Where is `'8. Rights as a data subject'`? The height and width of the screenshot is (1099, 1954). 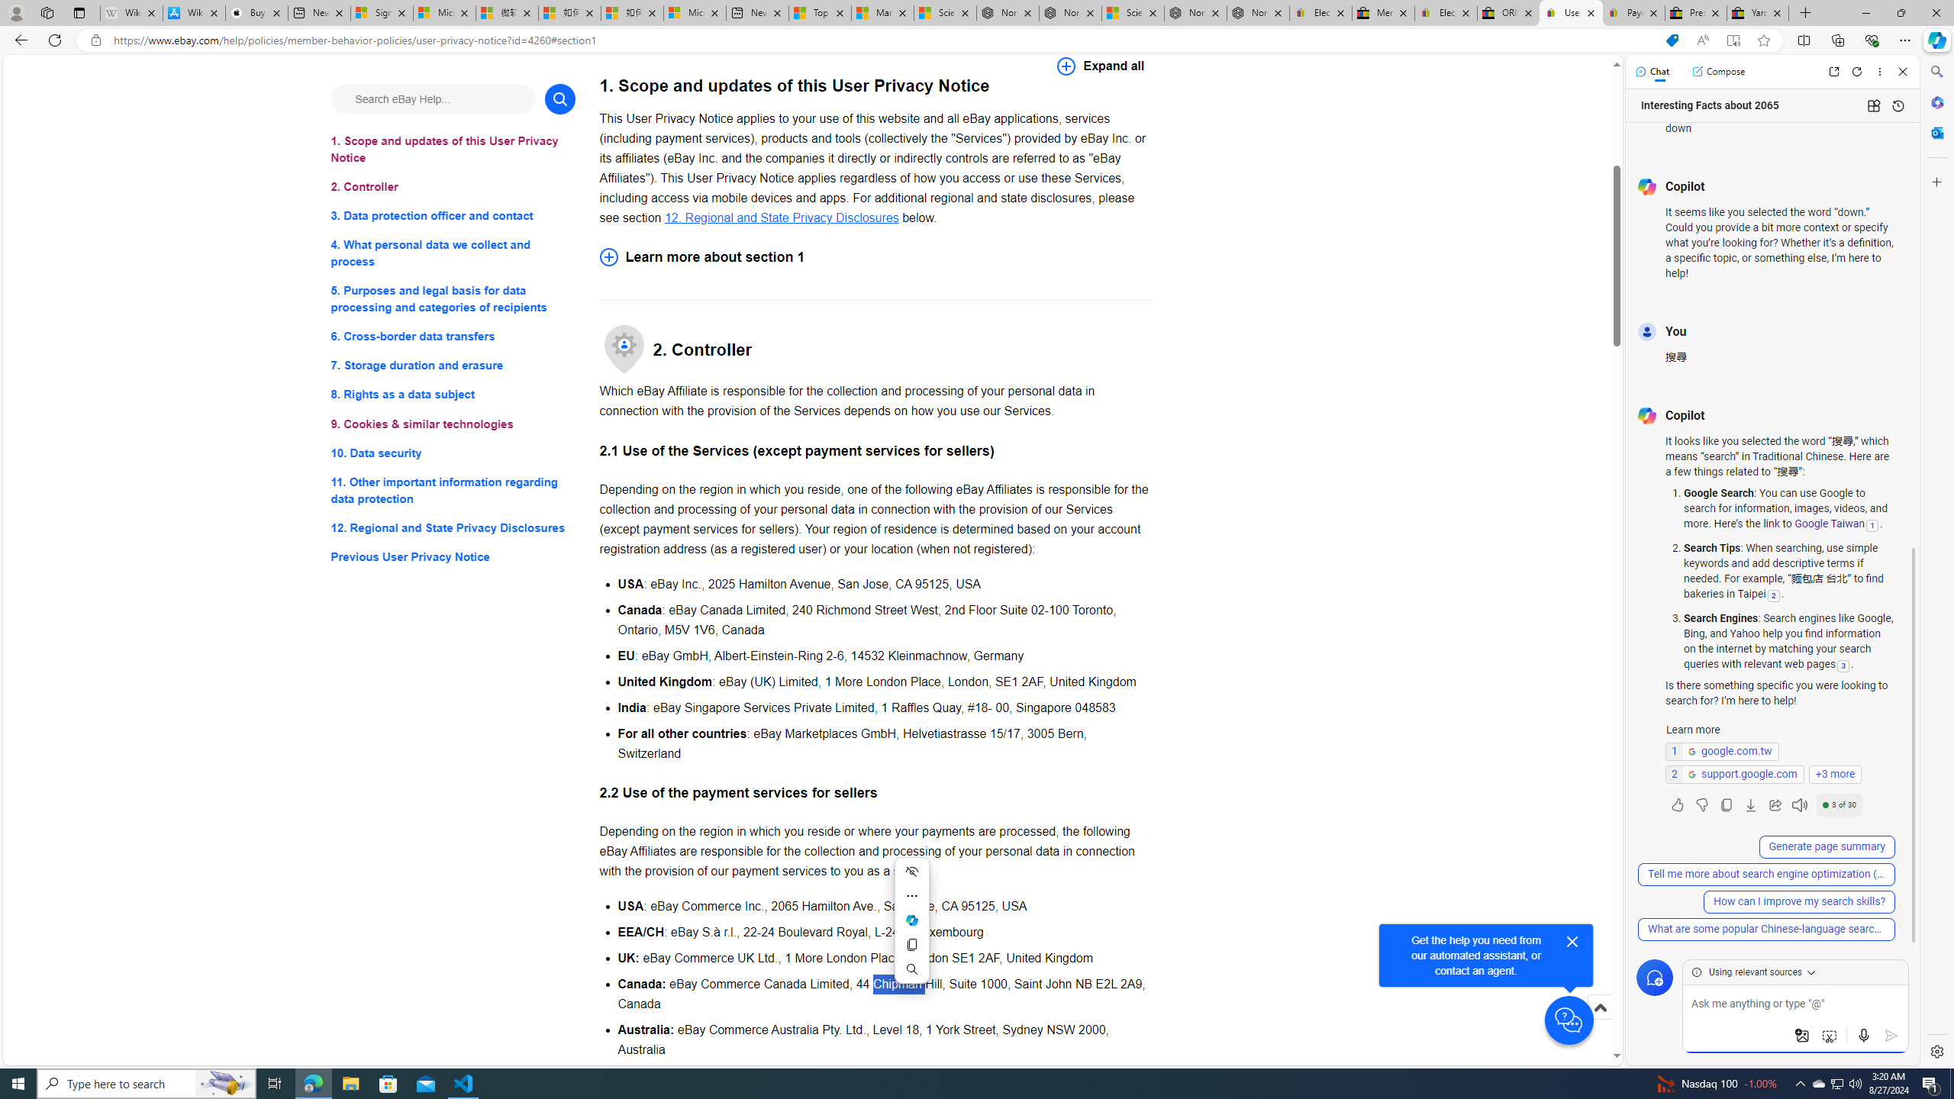 '8. Rights as a data subject' is located at coordinates (452, 394).